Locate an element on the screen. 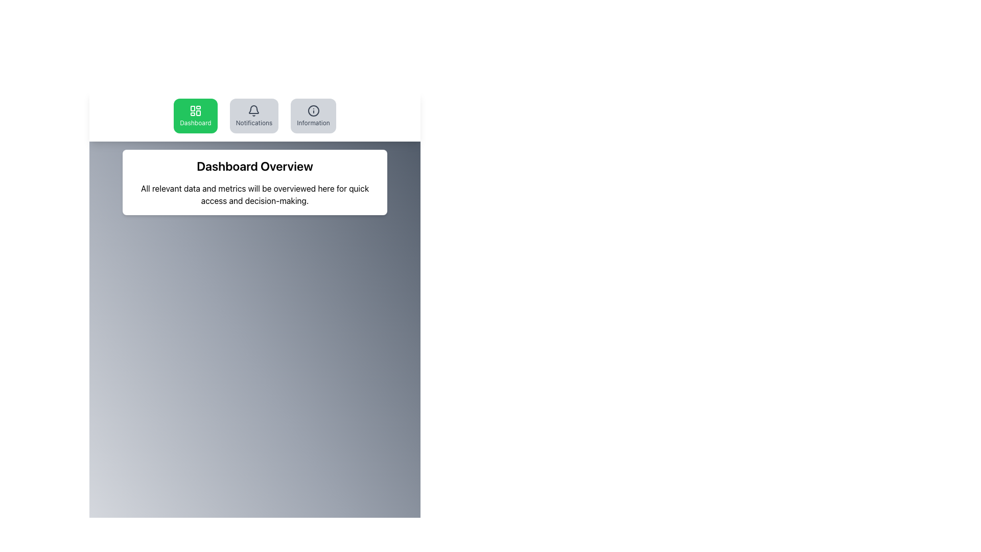  the third button from the left, labeled 'Information', which has a rounded rectangular shape, light gray background, and contains an 'i' icon is located at coordinates (313, 116).